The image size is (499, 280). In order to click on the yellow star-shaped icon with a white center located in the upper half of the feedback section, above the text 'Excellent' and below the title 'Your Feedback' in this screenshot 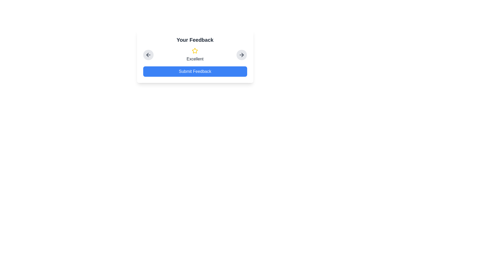, I will do `click(195, 51)`.